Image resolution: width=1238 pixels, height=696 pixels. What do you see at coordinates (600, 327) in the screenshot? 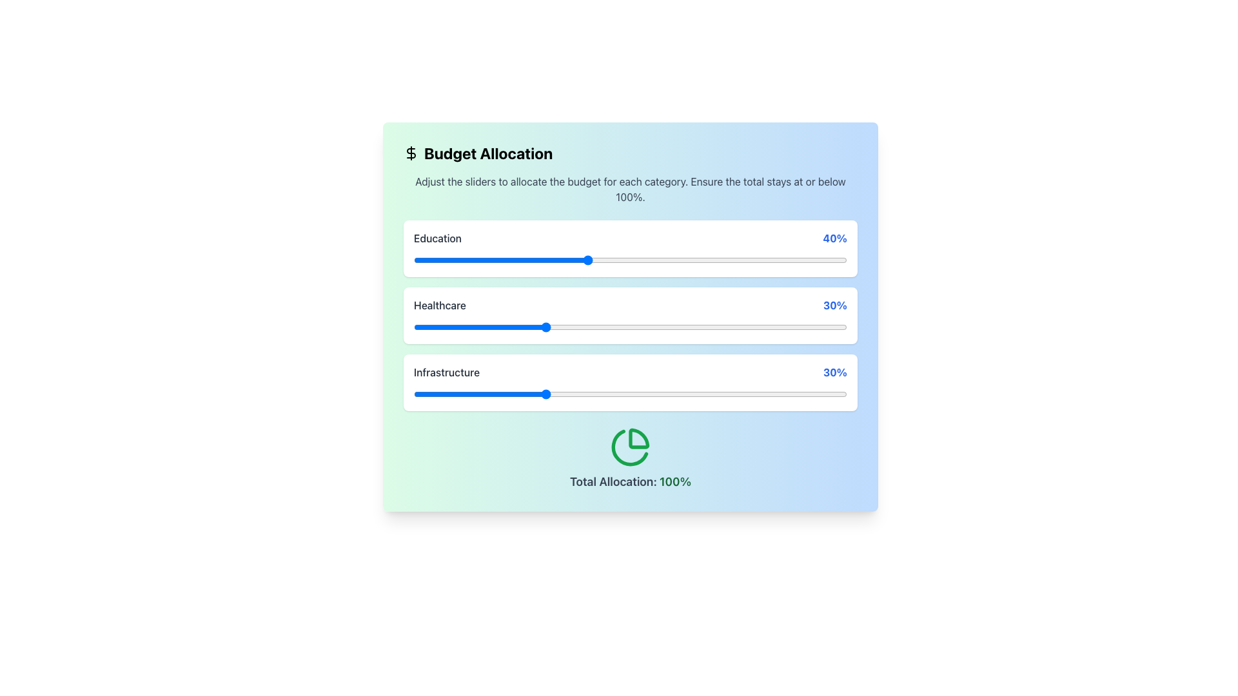
I see `healthcare allocation` at bounding box center [600, 327].